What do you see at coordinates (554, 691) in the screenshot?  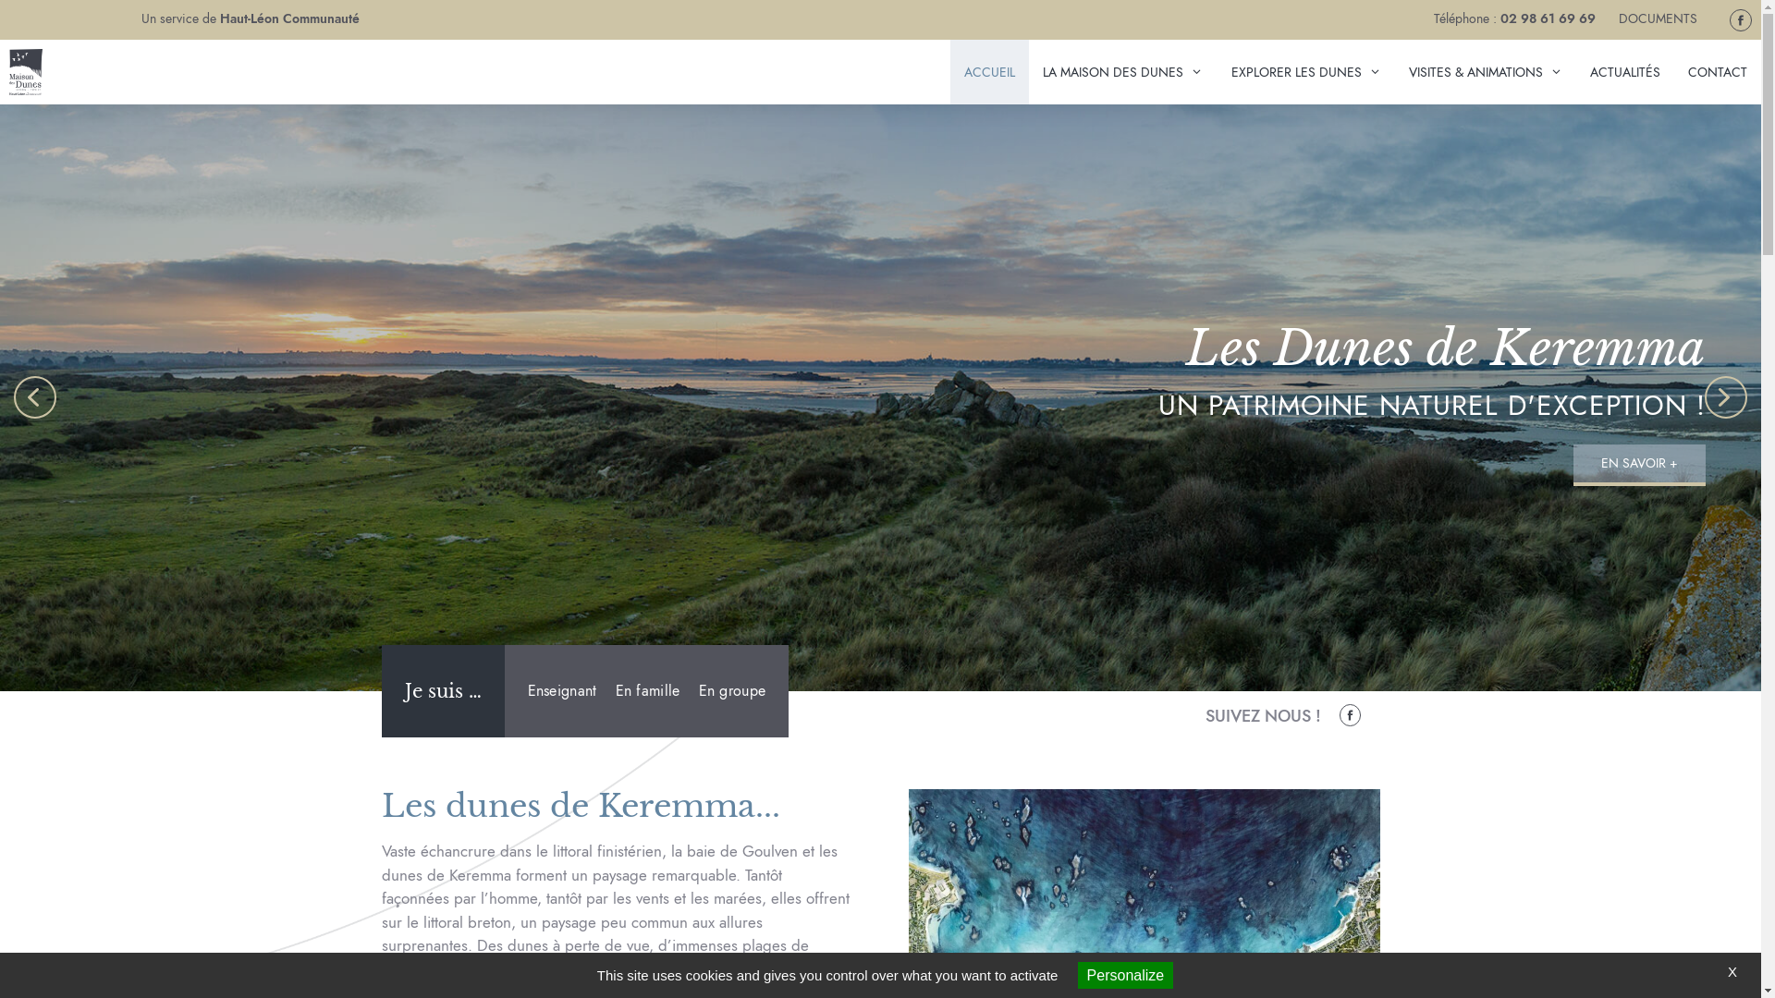 I see `'Enseignant'` at bounding box center [554, 691].